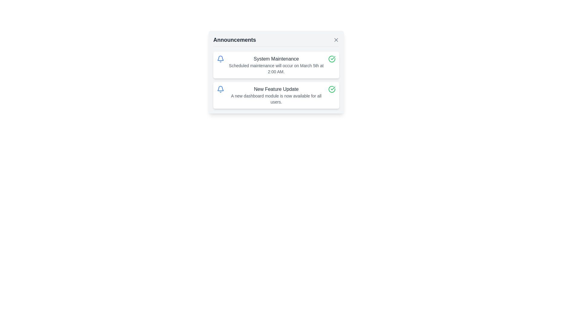  Describe the element at coordinates (276, 59) in the screenshot. I see `text content of the Text heading that serves as the title for the first announcement in the Announcements panel, located at the top of the card` at that location.